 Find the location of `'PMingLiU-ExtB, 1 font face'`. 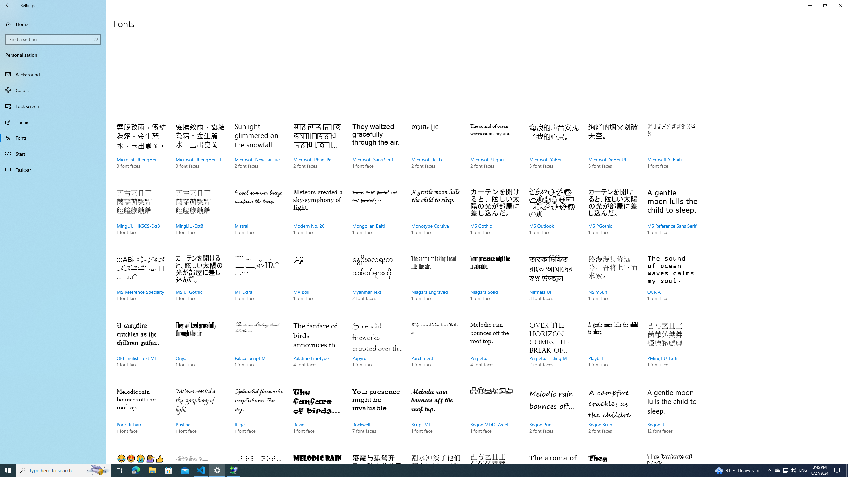

'PMingLiU-ExtB, 1 font face' is located at coordinates (671, 351).